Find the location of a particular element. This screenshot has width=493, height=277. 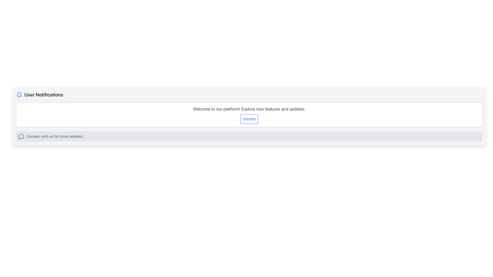

the informational text label encouraging users to connect for updates, which is the rightmost element in a horizontally-arranged group next to the message icon is located at coordinates (55, 136).